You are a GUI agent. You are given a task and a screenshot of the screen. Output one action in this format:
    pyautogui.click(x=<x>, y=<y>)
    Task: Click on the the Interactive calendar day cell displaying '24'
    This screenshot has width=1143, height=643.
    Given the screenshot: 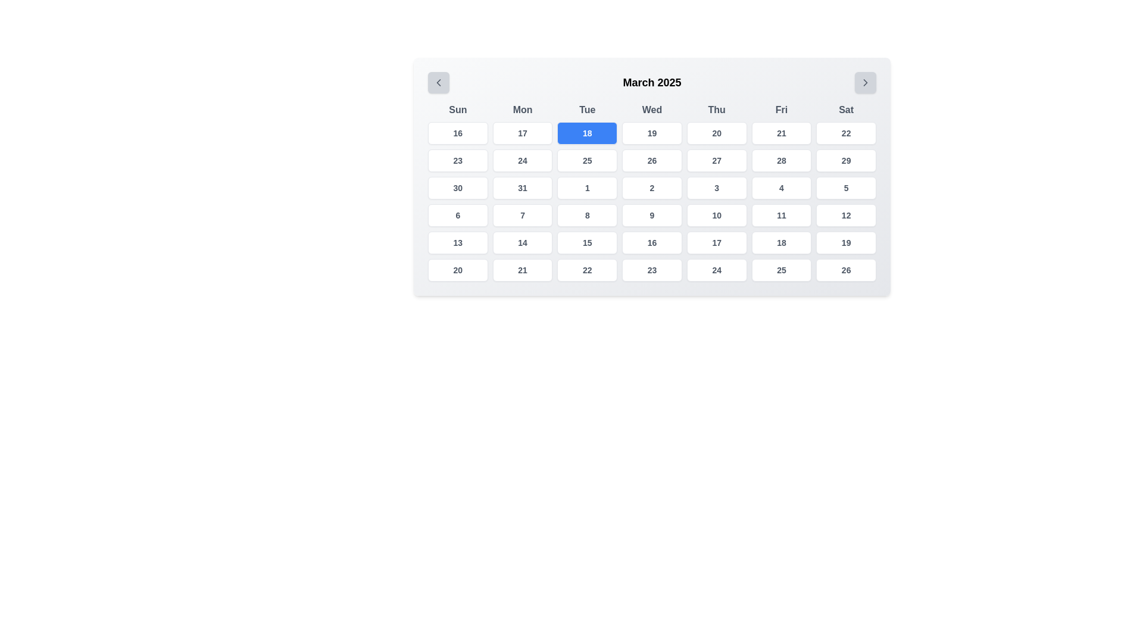 What is the action you would take?
    pyautogui.click(x=523, y=161)
    